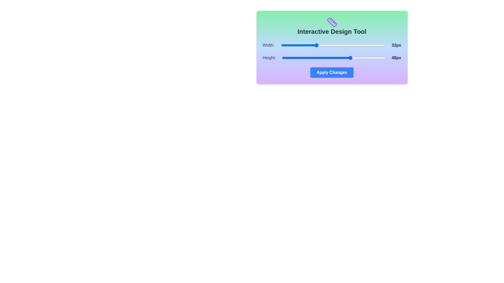 This screenshot has height=283, width=504. What do you see at coordinates (297, 58) in the screenshot?
I see `the 'Height' slider to set its value to 23` at bounding box center [297, 58].